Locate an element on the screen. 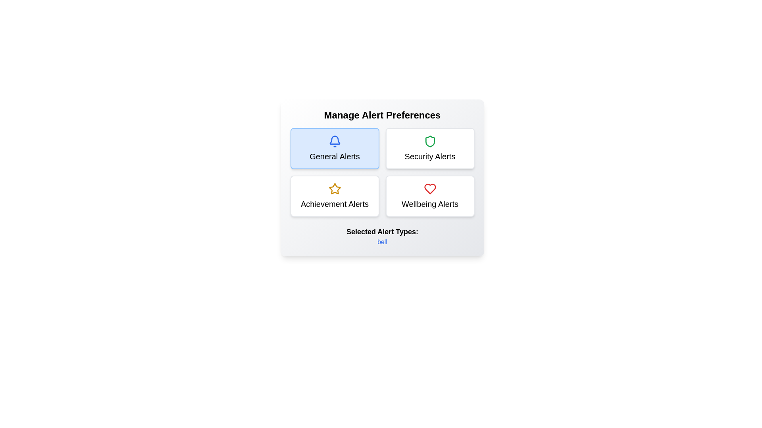 The width and height of the screenshot is (762, 428). the alert type Wellbeing Alerts is located at coordinates (429, 196).